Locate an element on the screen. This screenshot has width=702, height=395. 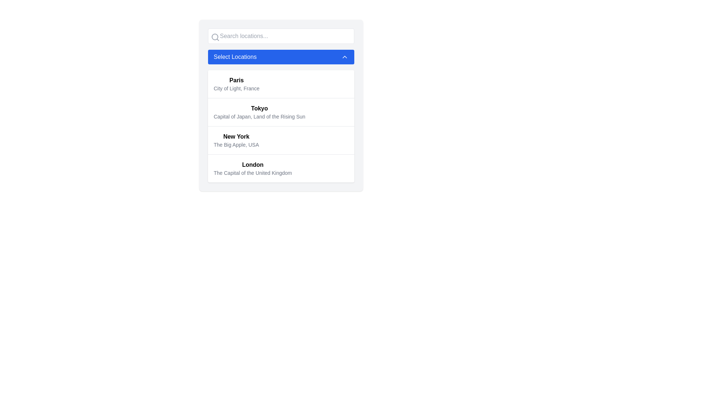
text label displaying 'The Big Apple, USA' located beneath the 'New York' label in the selection list is located at coordinates (236, 145).